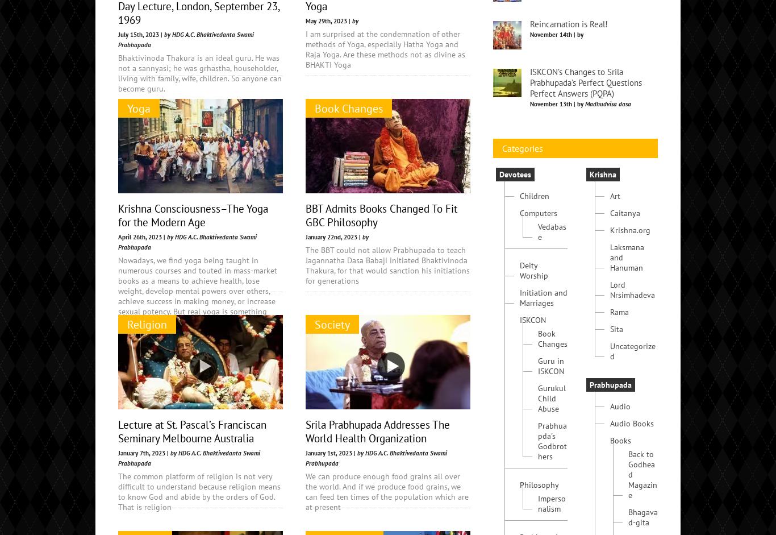  What do you see at coordinates (535, 280) in the screenshot?
I see `'Children'` at bounding box center [535, 280].